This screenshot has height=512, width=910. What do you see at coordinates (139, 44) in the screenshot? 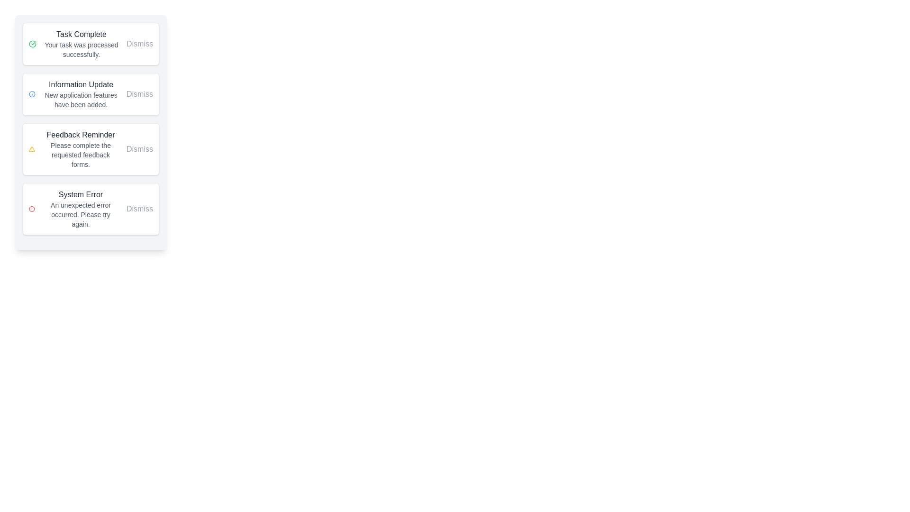
I see `the 'Dismiss' button, which is styled with gray text that changes shade on hover, located next to the 'Task Complete' status message` at bounding box center [139, 44].